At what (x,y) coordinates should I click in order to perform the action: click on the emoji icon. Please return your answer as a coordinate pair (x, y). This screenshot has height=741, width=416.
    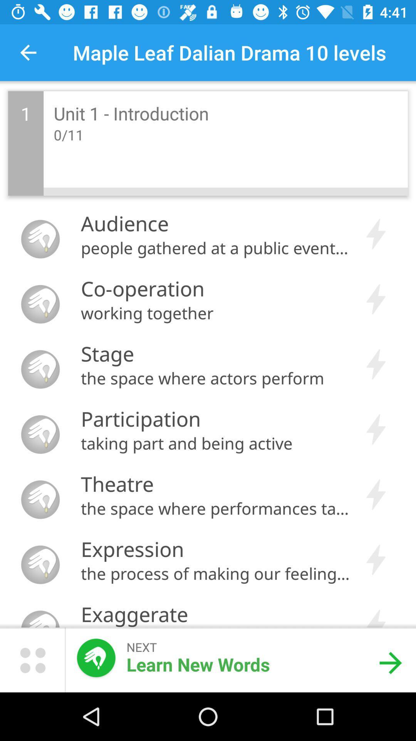
    Looking at the image, I should click on (32, 659).